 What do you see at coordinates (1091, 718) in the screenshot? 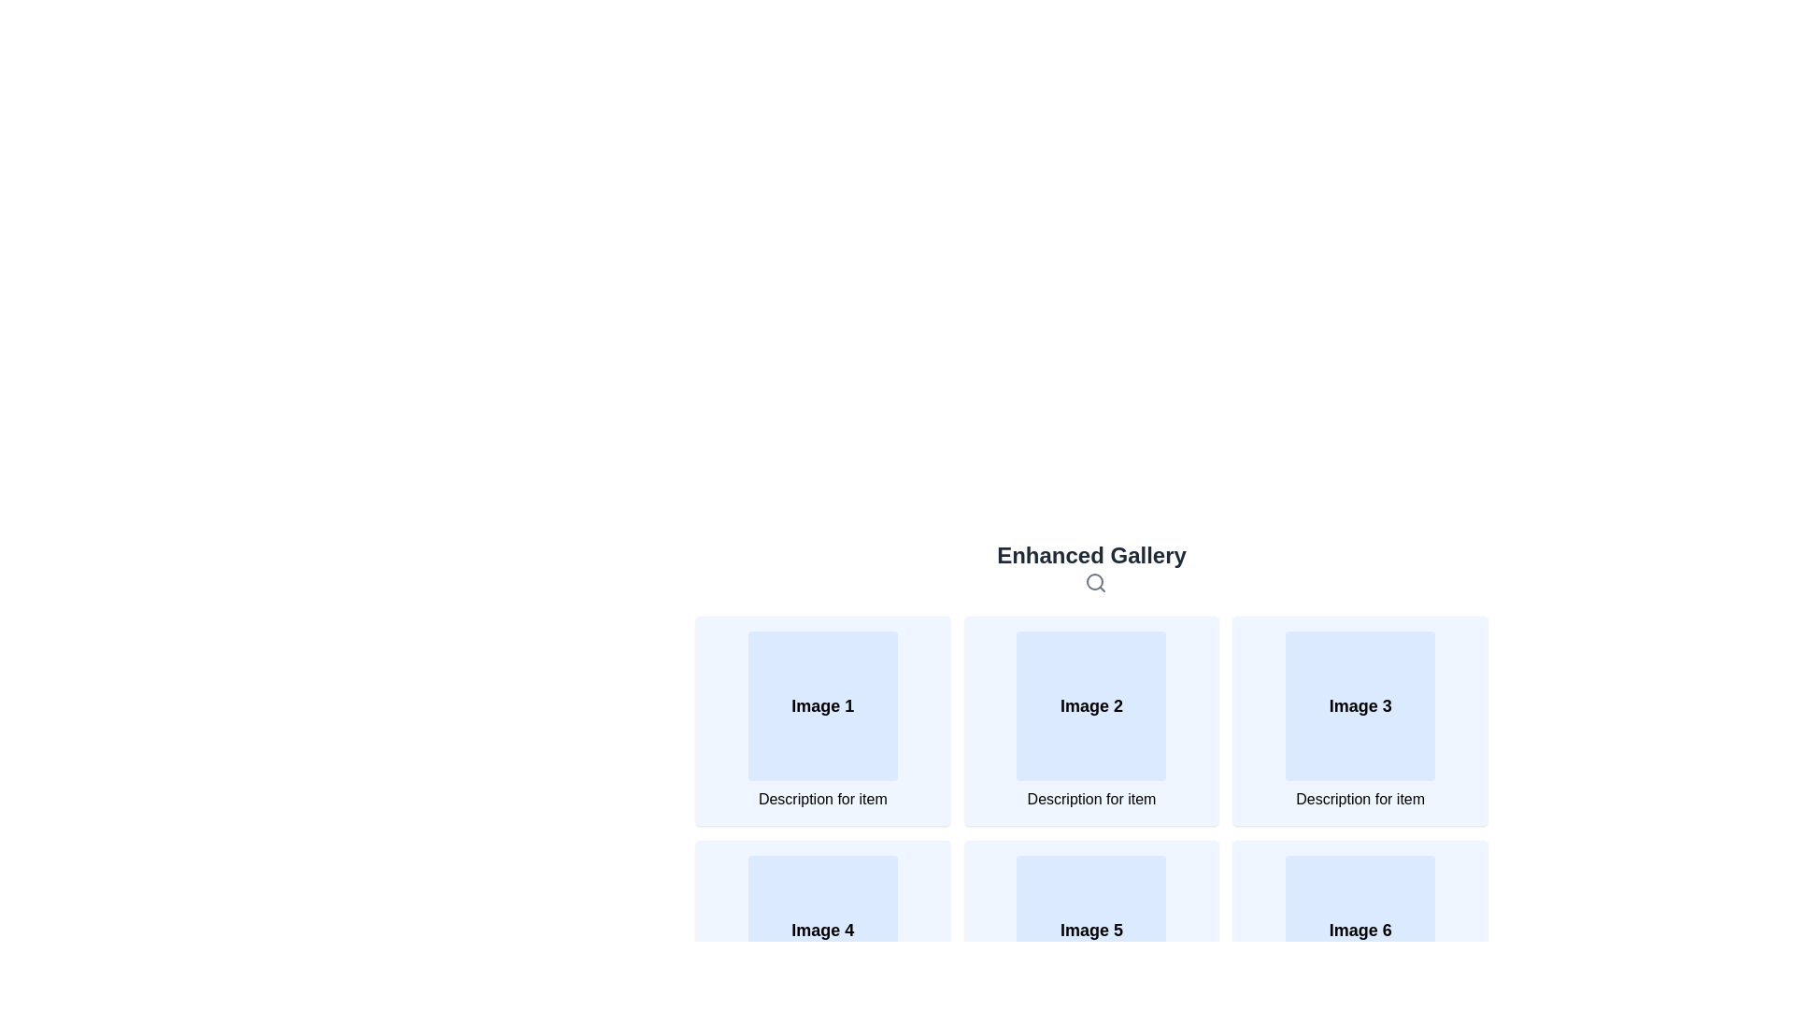
I see `the interactive card labeled 'Image 2', which is the second item in the first row of a three-row grid layout within the gallery display` at bounding box center [1091, 718].